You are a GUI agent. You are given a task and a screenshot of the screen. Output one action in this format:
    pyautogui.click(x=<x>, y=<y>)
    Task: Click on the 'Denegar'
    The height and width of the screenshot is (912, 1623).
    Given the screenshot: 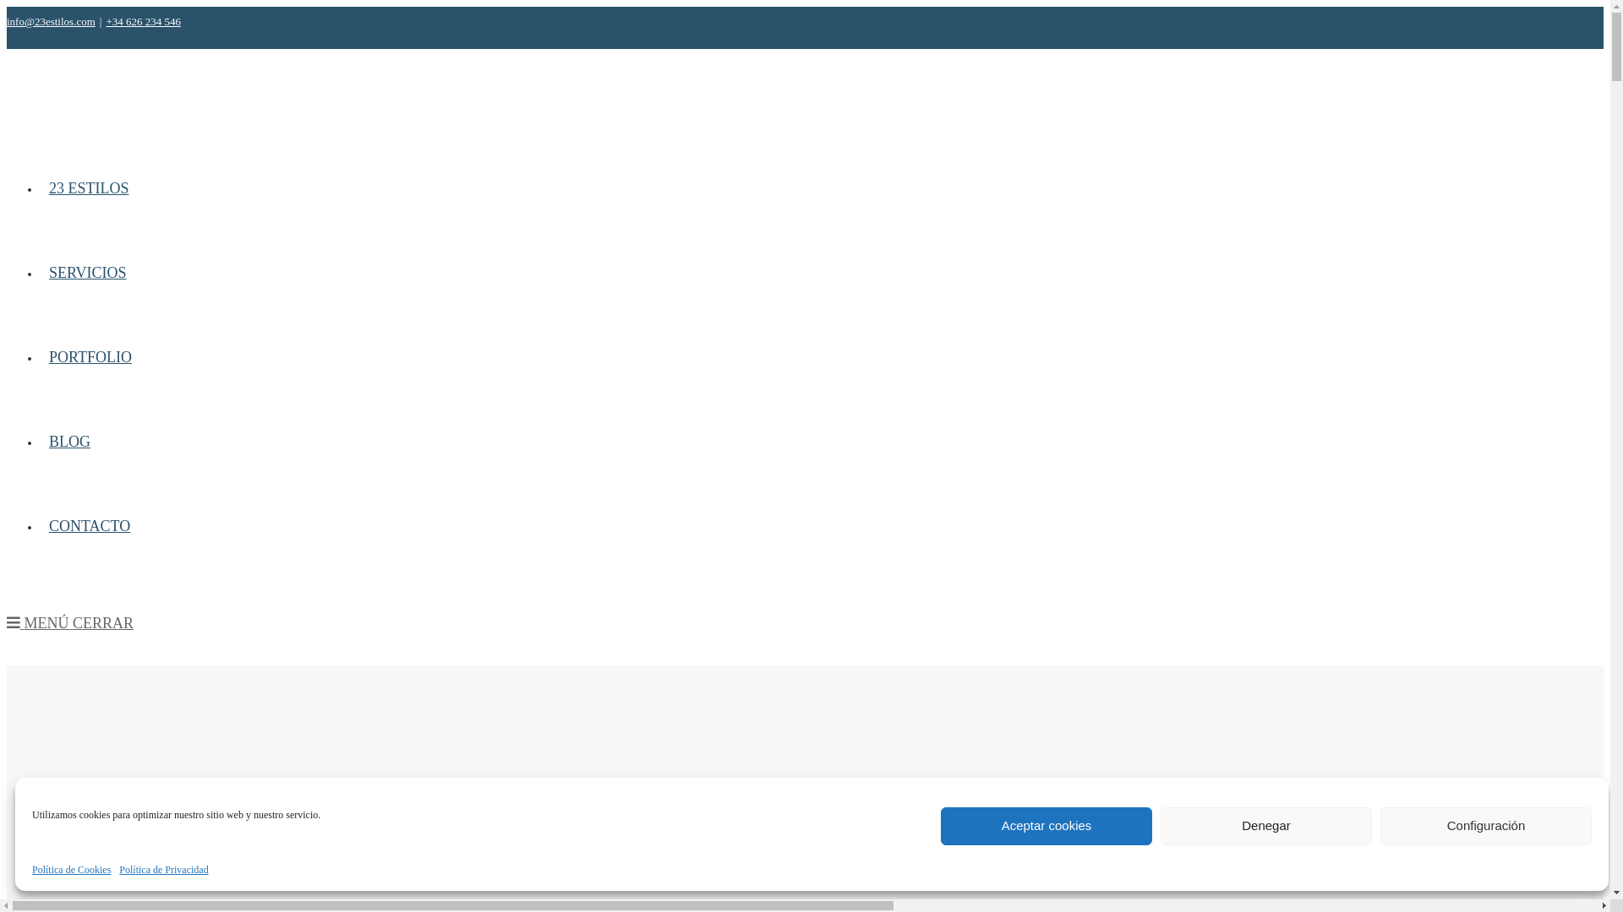 What is the action you would take?
    pyautogui.click(x=1265, y=825)
    